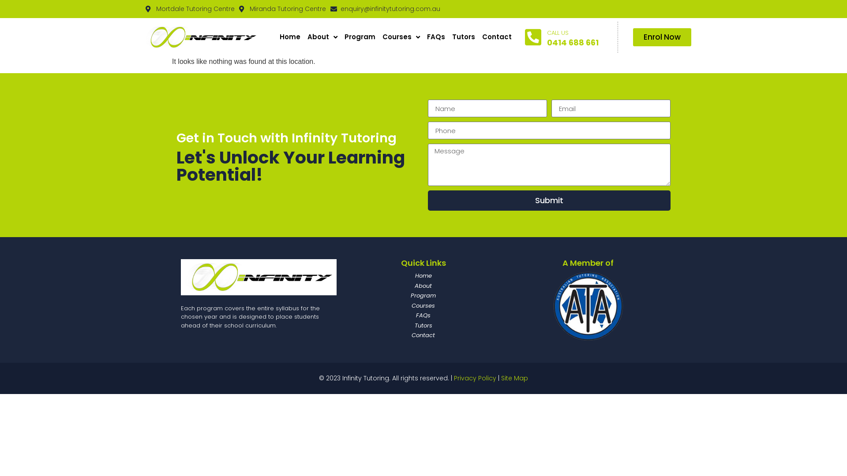  I want to click on 'FAQs', so click(423, 315).